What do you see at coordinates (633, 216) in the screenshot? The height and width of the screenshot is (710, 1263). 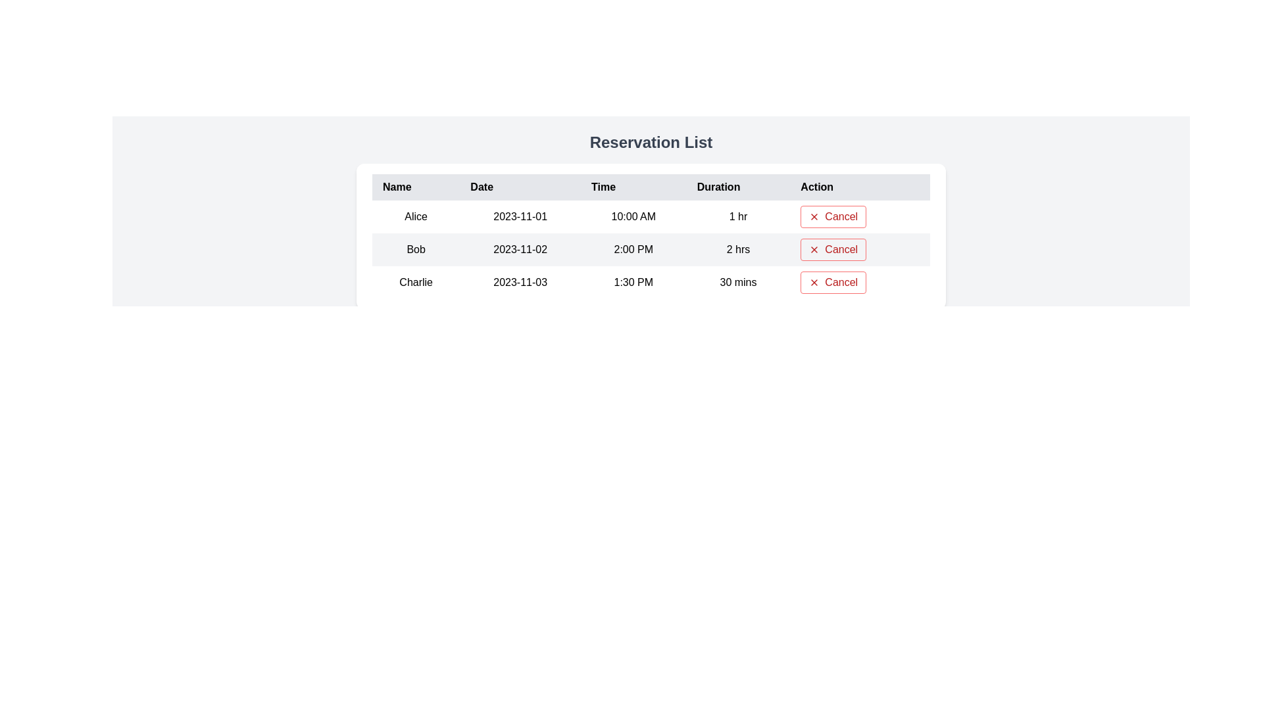 I see `the static text element displaying '10:00 AM' in the 'Time' column of the 'Reservation List' table, which is located in the third cell of the row for user 'Alice'` at bounding box center [633, 216].